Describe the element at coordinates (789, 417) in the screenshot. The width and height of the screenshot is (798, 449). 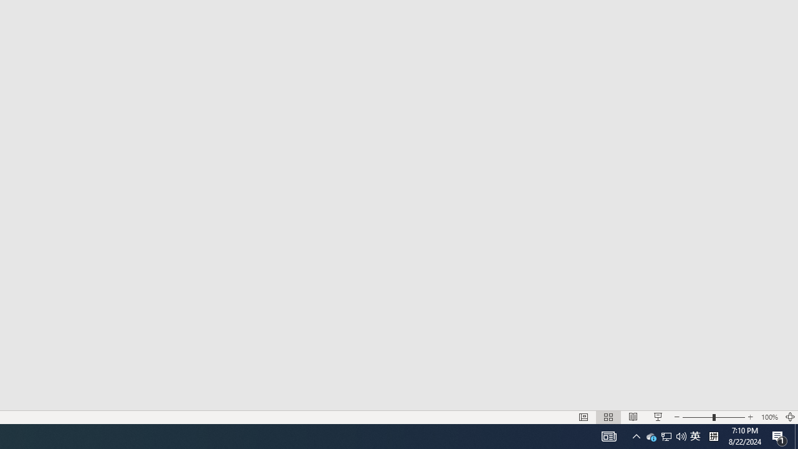
I see `'Zoom to Fit '` at that location.